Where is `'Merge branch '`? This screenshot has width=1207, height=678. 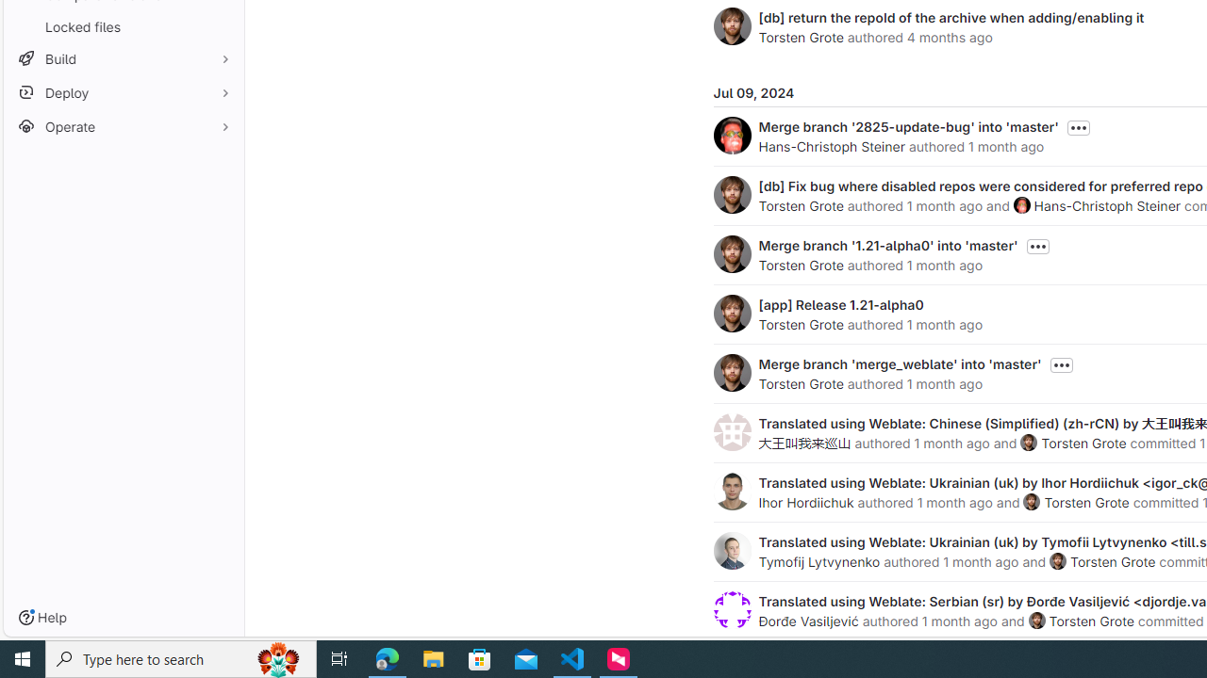 'Merge branch ' is located at coordinates (887, 244).